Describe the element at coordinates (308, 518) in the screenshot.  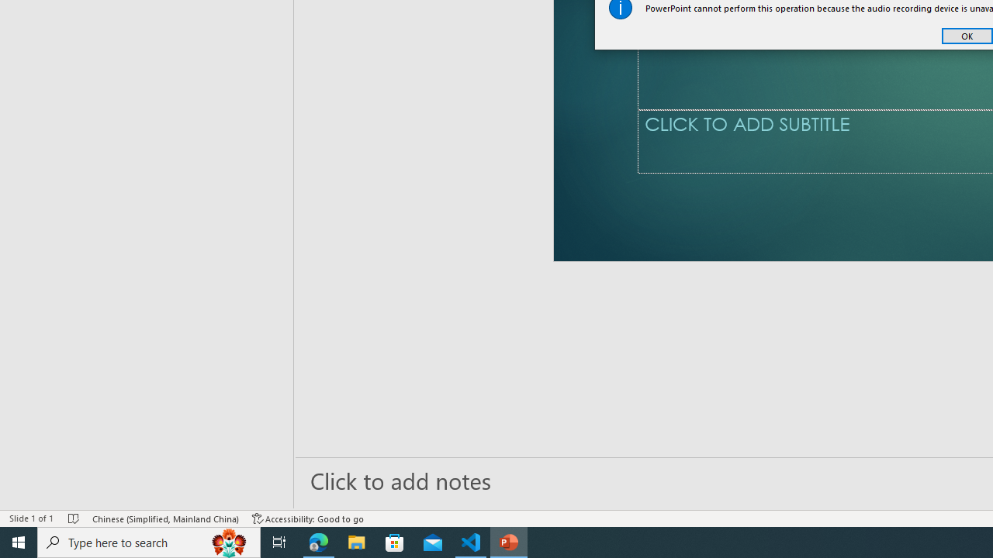
I see `'Accessibility Checker Accessibility: Good to go'` at that location.